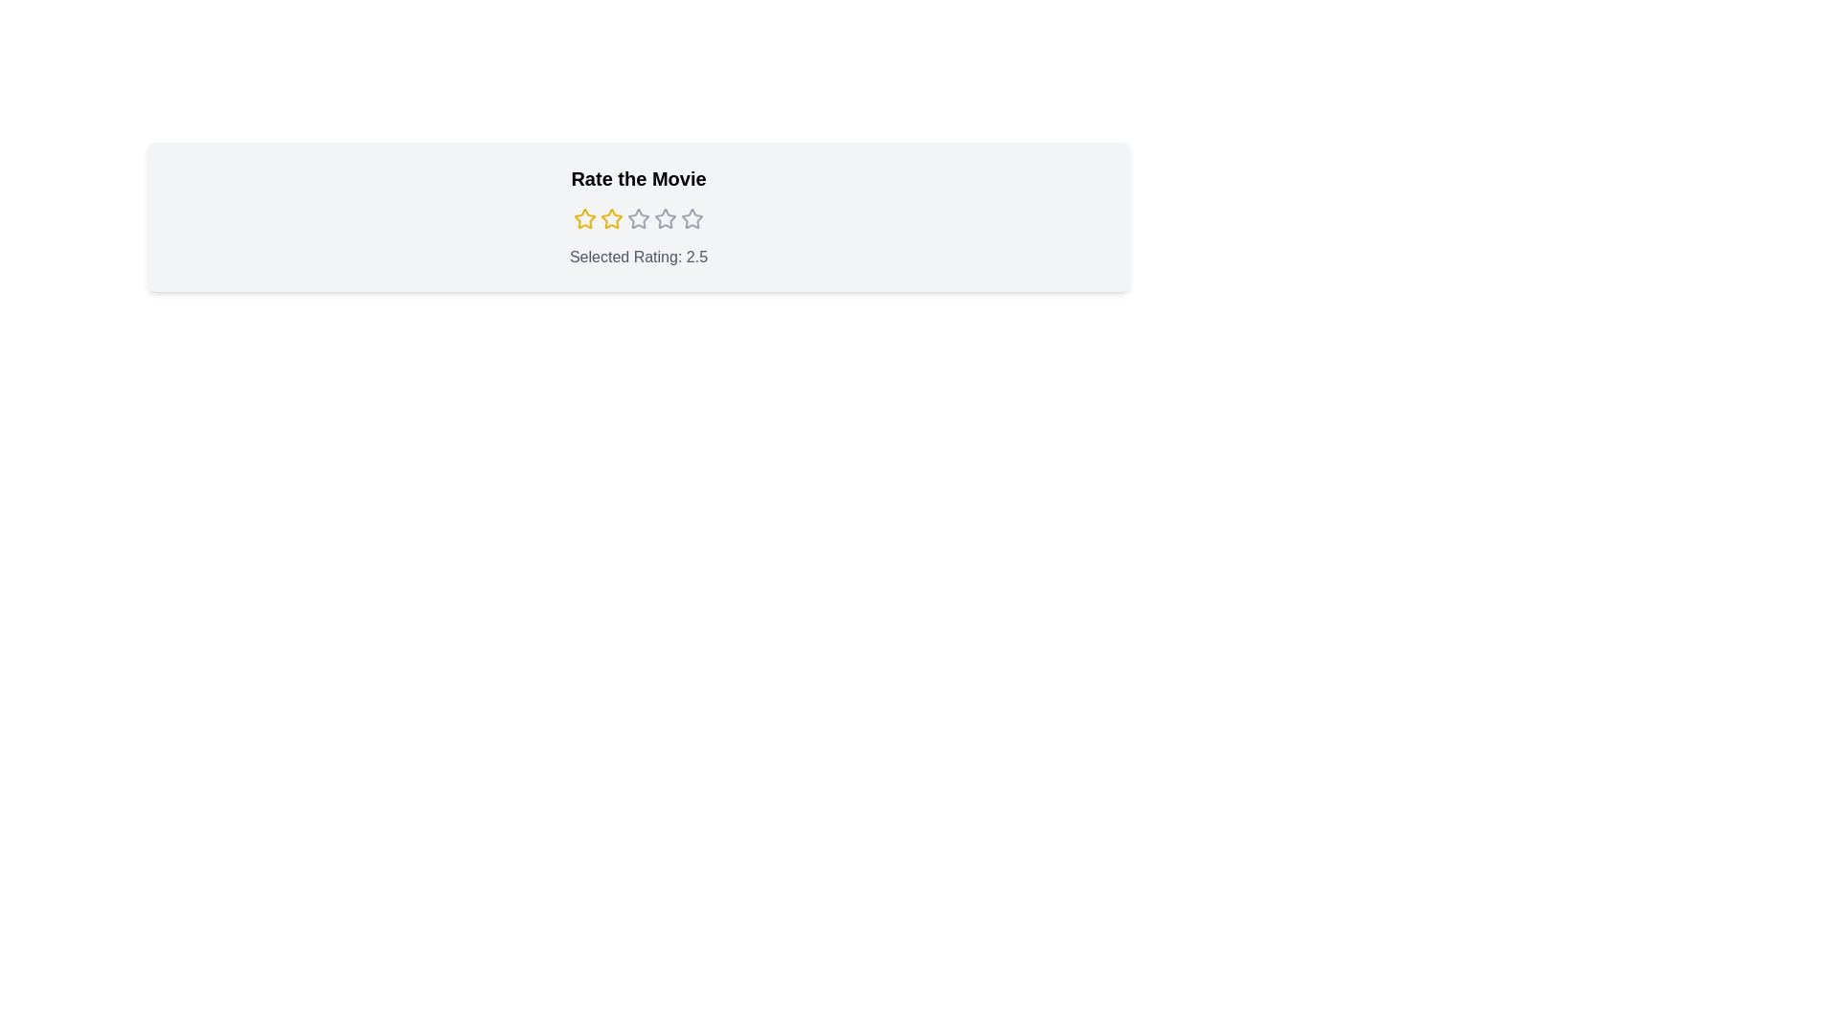 This screenshot has width=1839, height=1034. I want to click on the third star icon in the graphical rating component, so click(639, 217).